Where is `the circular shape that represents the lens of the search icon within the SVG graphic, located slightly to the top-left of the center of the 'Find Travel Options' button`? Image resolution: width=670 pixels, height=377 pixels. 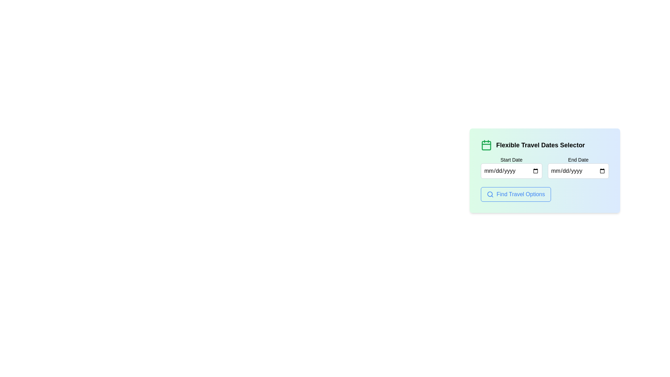
the circular shape that represents the lens of the search icon within the SVG graphic, located slightly to the top-left of the center of the 'Find Travel Options' button is located at coordinates (490, 194).